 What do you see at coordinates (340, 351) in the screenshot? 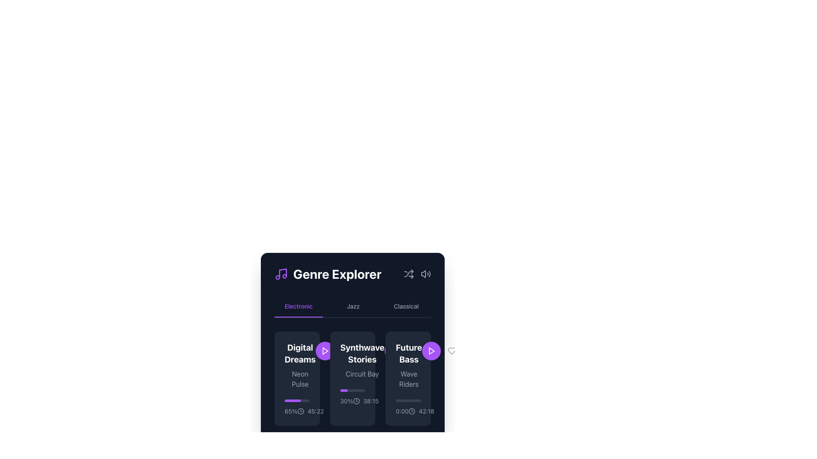
I see `the heart button located in the second row of track cards within the 'Genre Explorer' widget` at bounding box center [340, 351].